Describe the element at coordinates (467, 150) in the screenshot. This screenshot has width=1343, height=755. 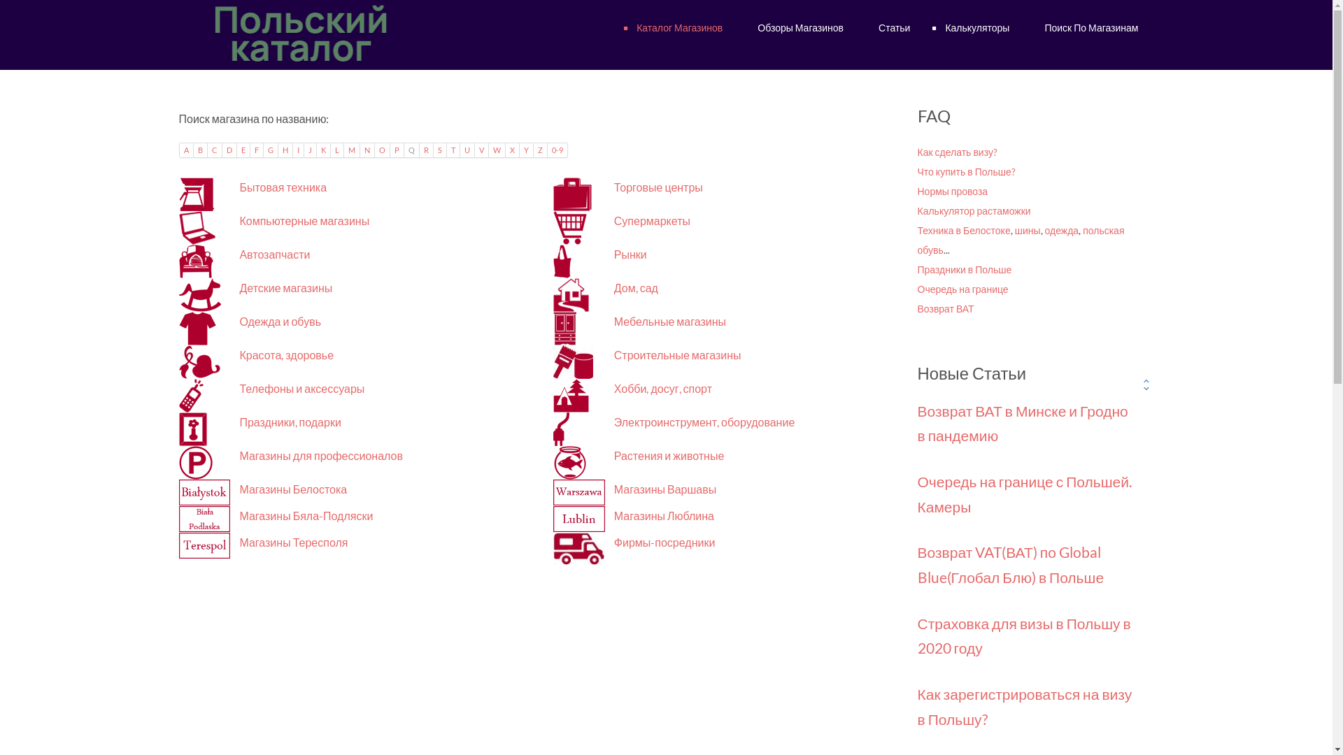
I see `'U'` at that location.